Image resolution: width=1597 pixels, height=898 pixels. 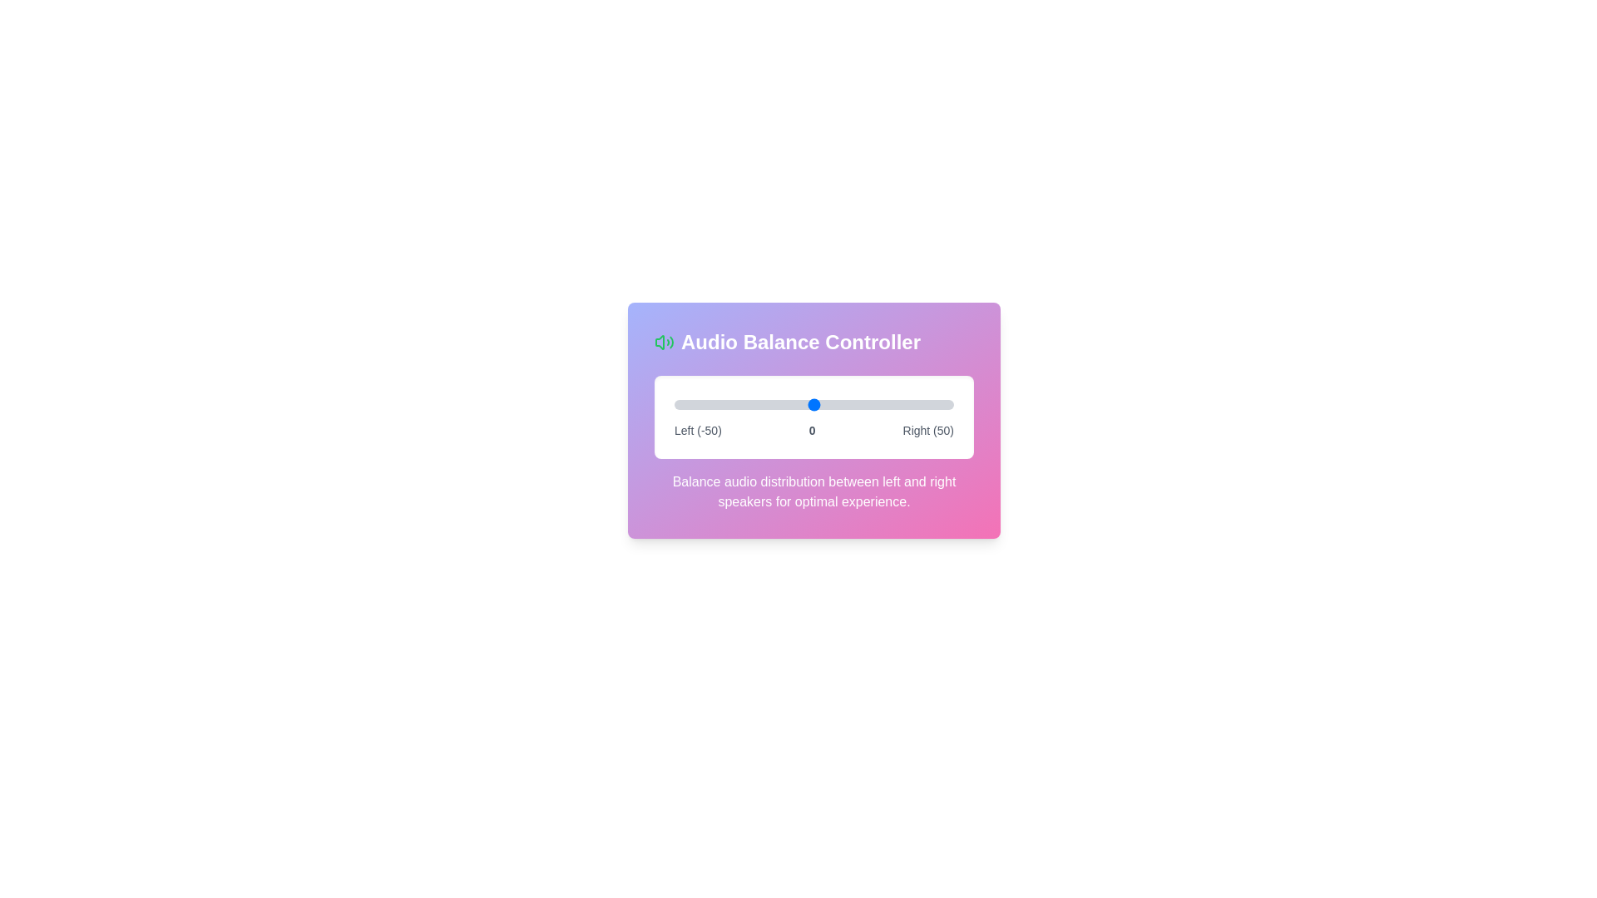 What do you see at coordinates (902, 404) in the screenshot?
I see `the balance slider to set the audio balance to 32` at bounding box center [902, 404].